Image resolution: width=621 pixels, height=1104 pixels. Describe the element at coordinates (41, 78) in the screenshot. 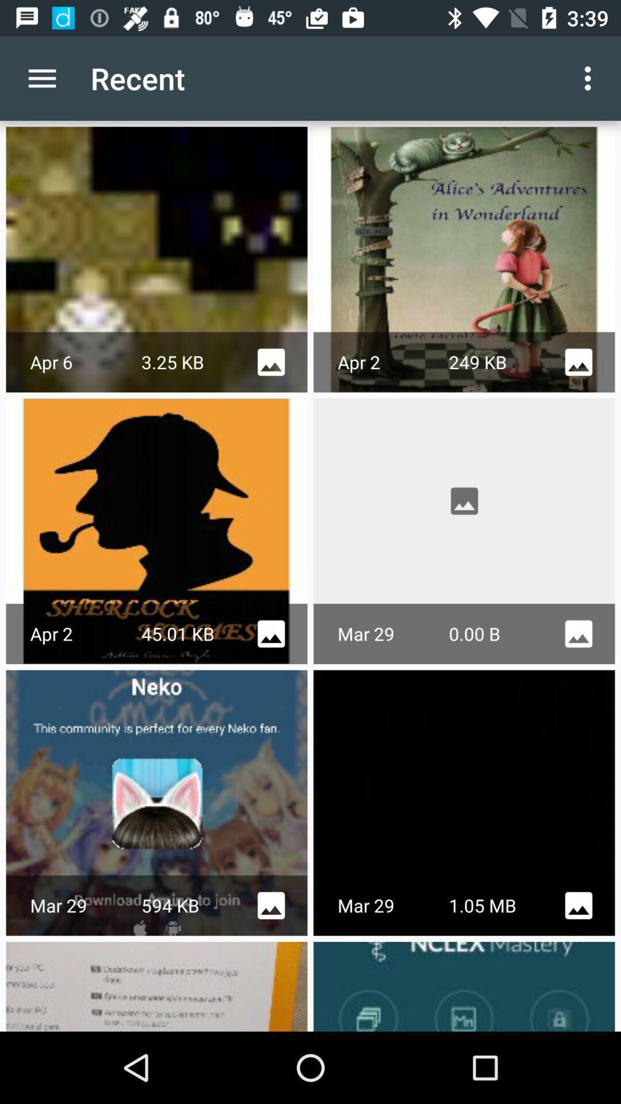

I see `the icon to the left of recent app` at that location.